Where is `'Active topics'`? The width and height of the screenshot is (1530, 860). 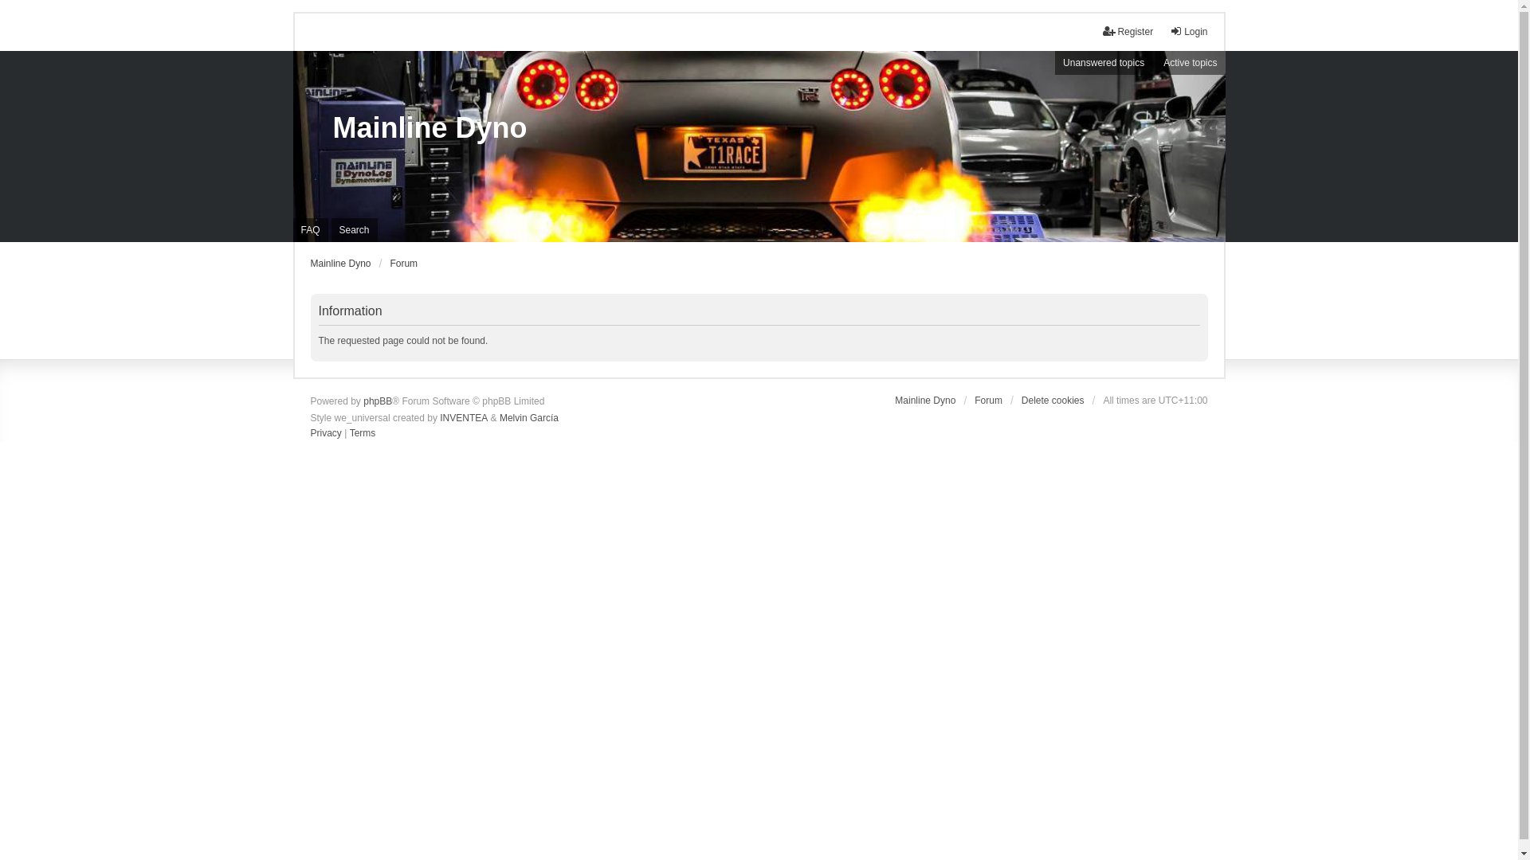 'Active topics' is located at coordinates (1190, 61).